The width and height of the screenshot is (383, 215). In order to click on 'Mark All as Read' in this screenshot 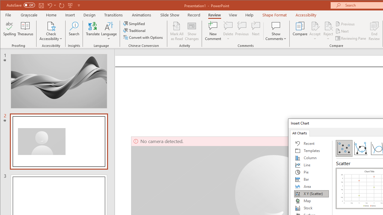, I will do `click(177, 31)`.